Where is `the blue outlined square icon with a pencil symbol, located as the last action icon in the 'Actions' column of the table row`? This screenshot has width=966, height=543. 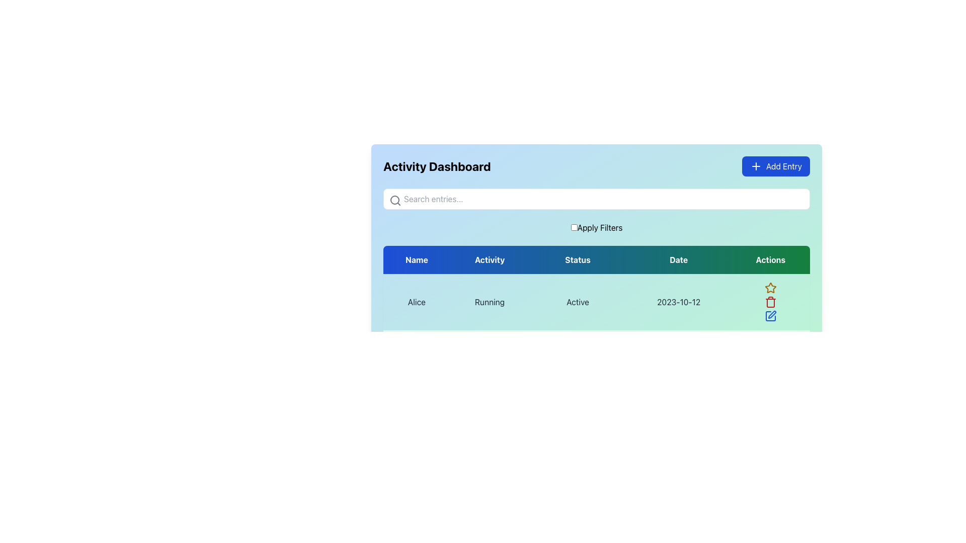 the blue outlined square icon with a pencil symbol, located as the last action icon in the 'Actions' column of the table row is located at coordinates (770, 315).